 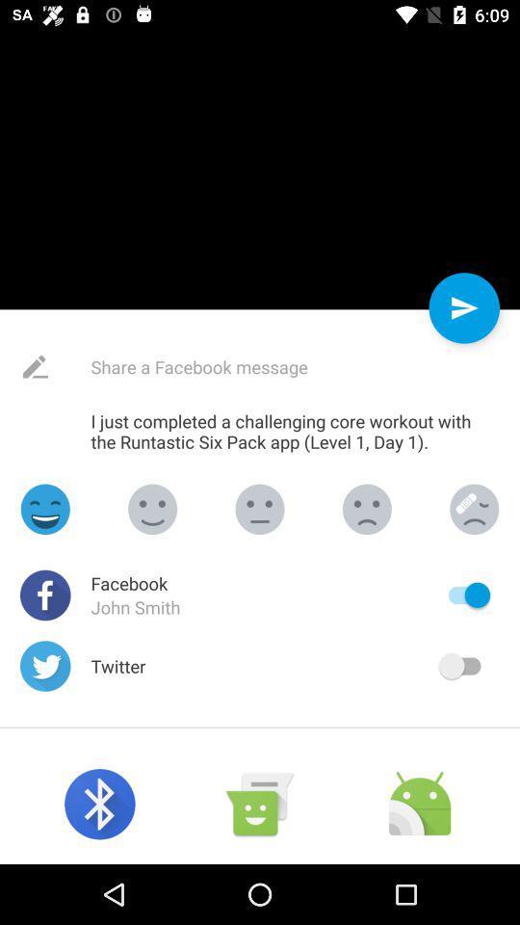 What do you see at coordinates (463, 594) in the screenshot?
I see `sharing with facebook` at bounding box center [463, 594].